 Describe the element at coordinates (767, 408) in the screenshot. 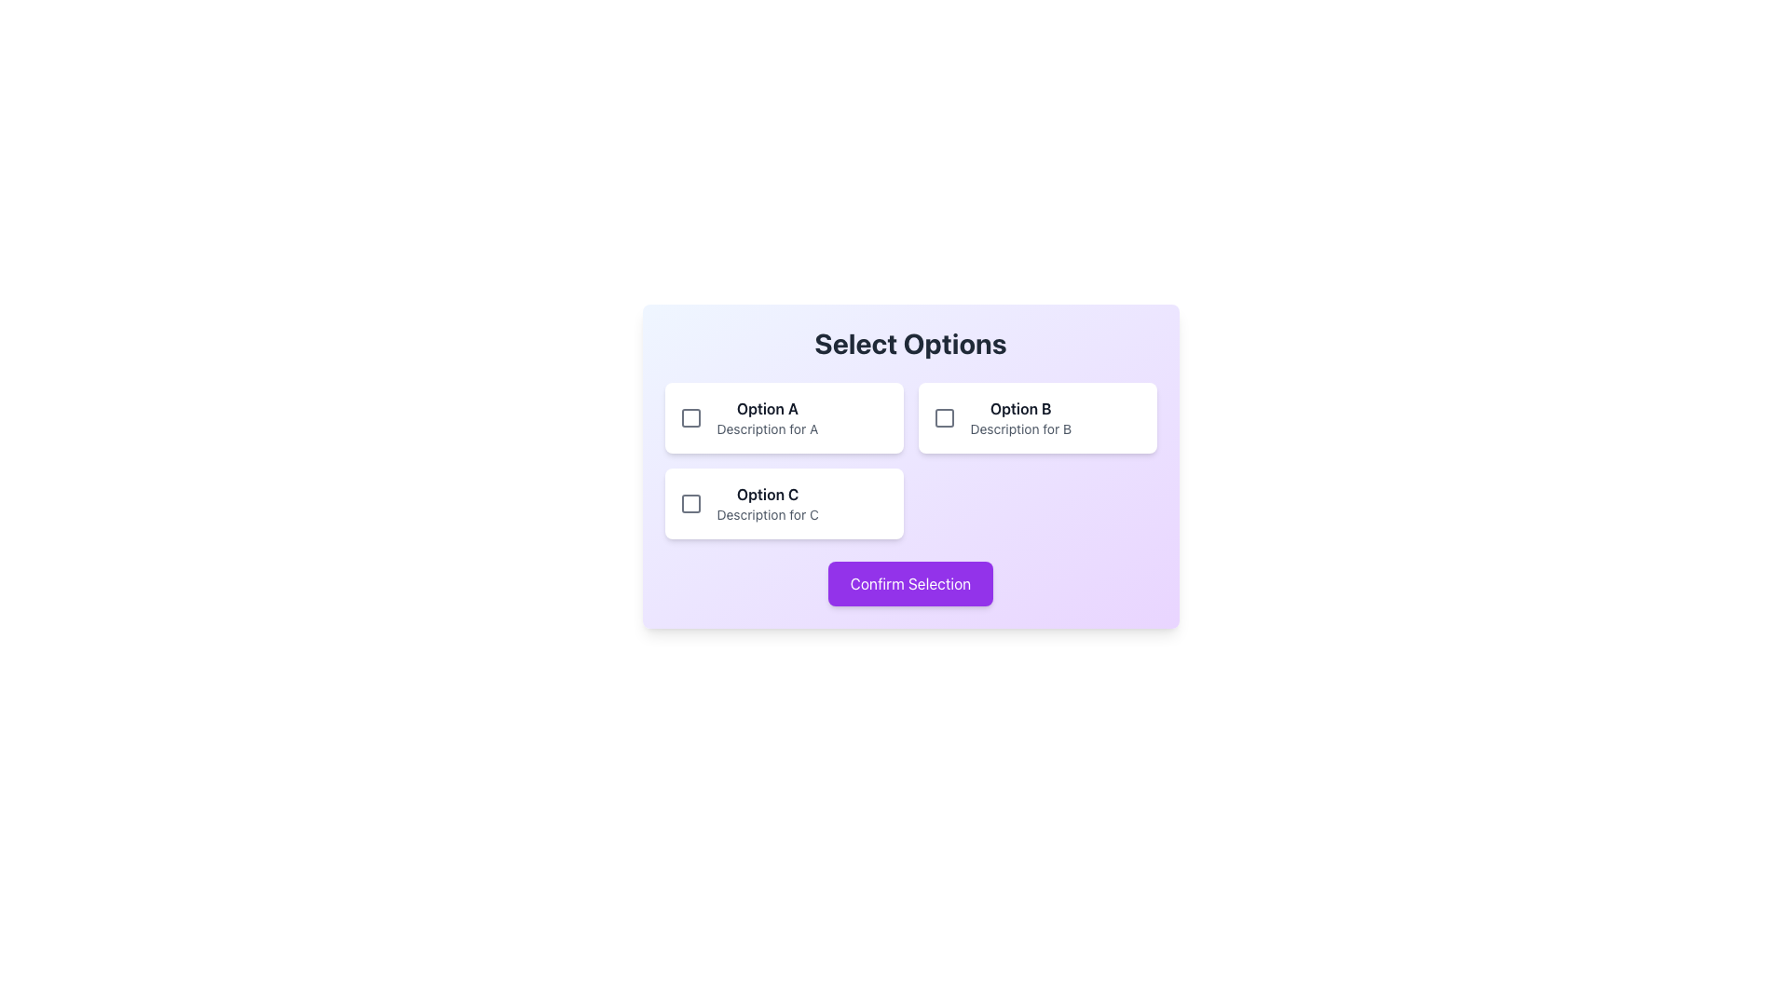

I see `the text label 'Option A' which is in bold, dark gray font, located in the top-left cell of a 2x2 grid of selection options` at that location.